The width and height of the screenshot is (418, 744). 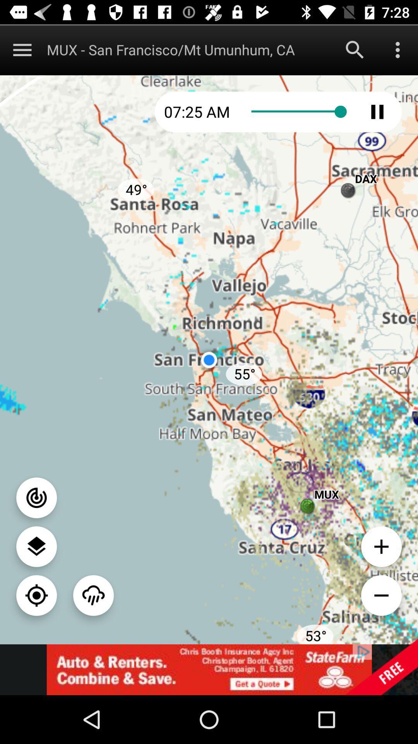 I want to click on the pause icon, so click(x=377, y=111).